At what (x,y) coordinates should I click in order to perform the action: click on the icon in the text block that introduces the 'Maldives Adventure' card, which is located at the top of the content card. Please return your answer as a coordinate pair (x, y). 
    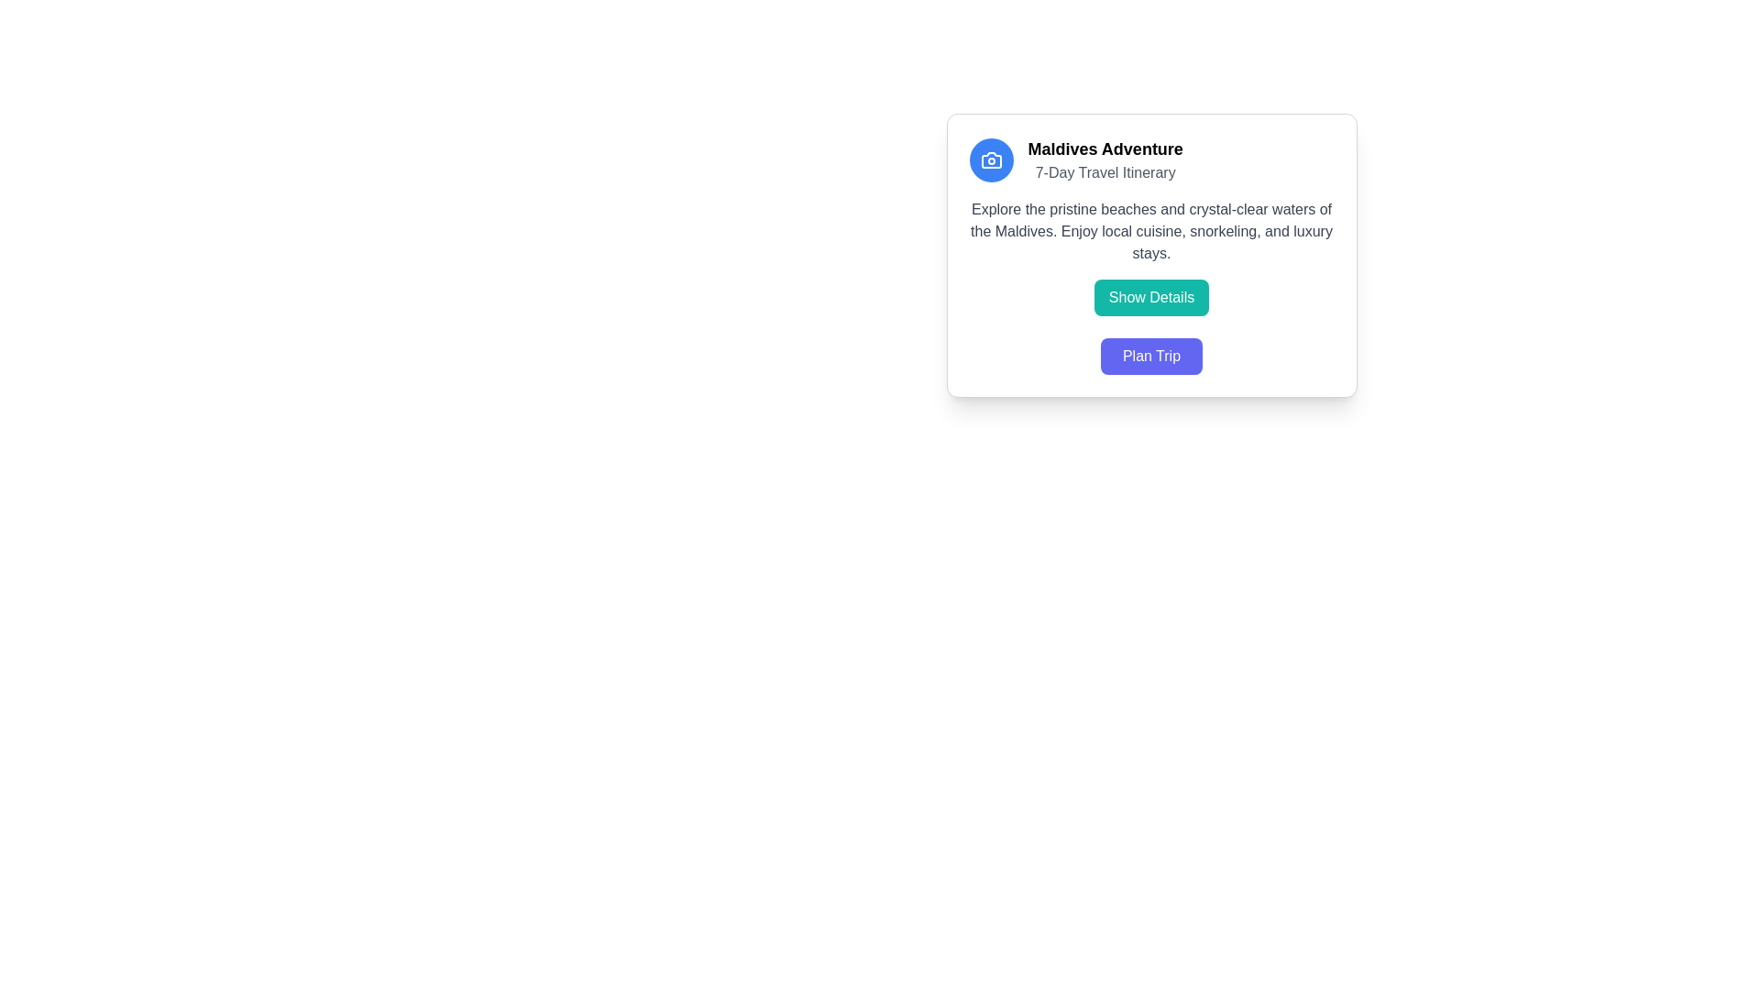
    Looking at the image, I should click on (1150, 159).